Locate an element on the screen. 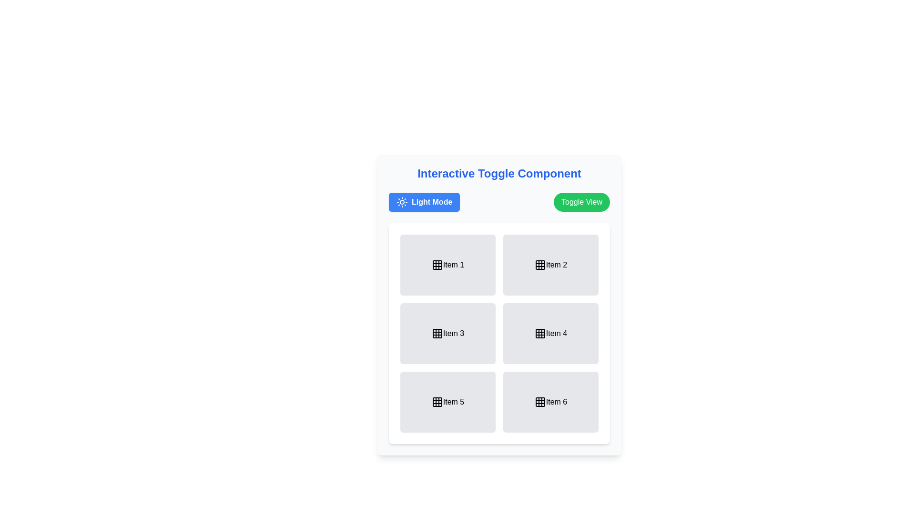  the rectangular grid item with a light gray background and rounded corners that contains the grid icon and the text 'Item 3' is located at coordinates (447, 333).